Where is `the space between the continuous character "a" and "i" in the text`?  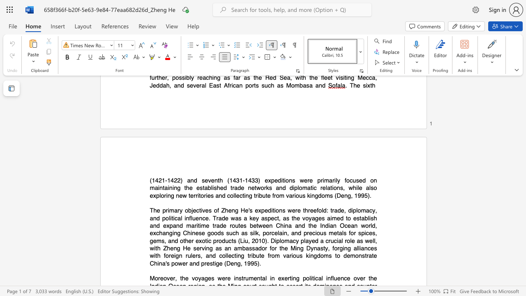
the space between the continuous character "a" and "i" in the text is located at coordinates (330, 217).